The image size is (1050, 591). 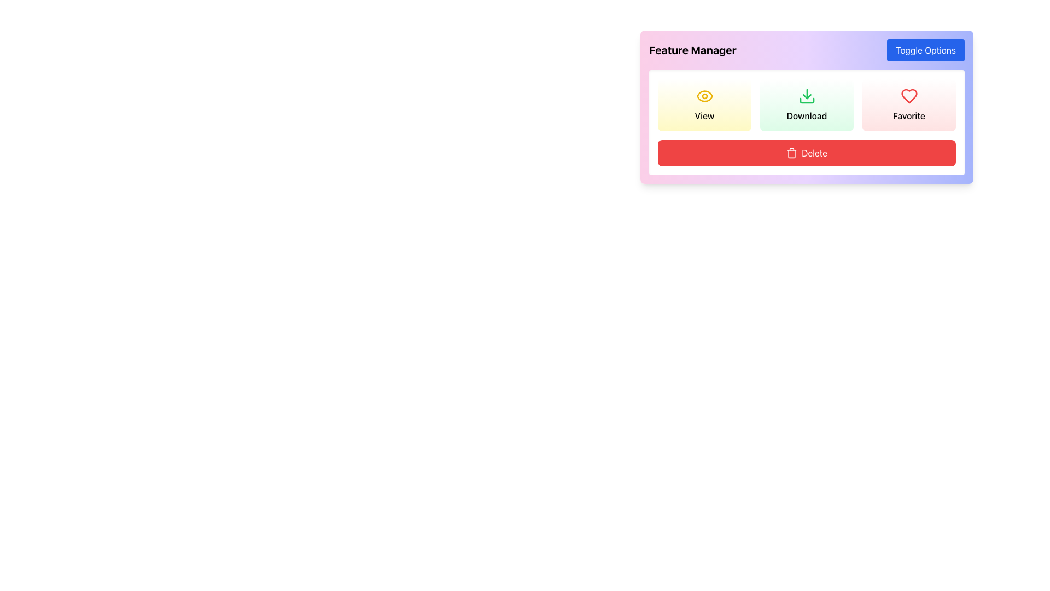 I want to click on the 'View' icon button located in the top-left corner of the row in the 'Feature Manager' section, so click(x=704, y=96).